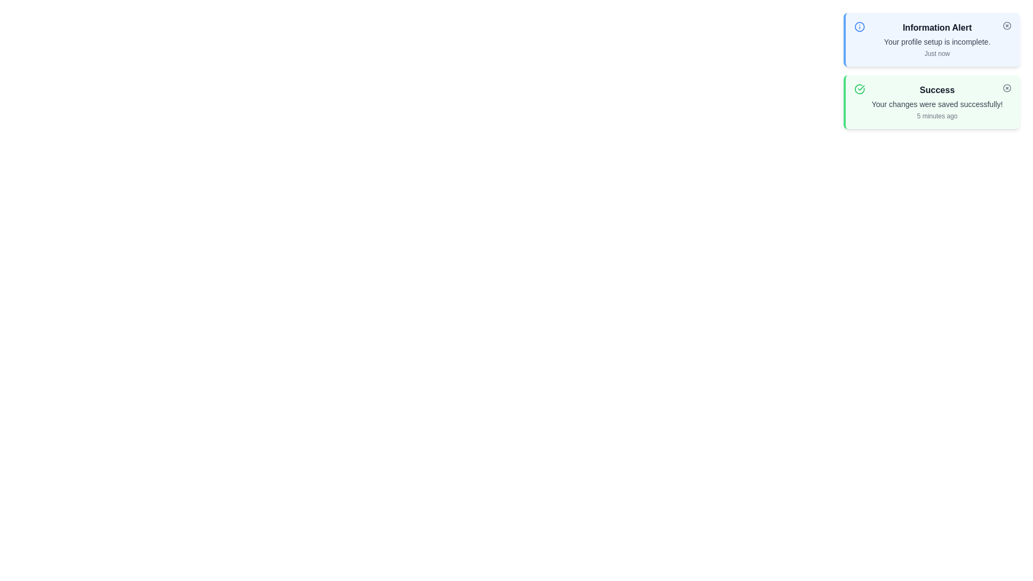 Image resolution: width=1033 pixels, height=581 pixels. What do you see at coordinates (931, 102) in the screenshot?
I see `the notification with title 'Success'` at bounding box center [931, 102].